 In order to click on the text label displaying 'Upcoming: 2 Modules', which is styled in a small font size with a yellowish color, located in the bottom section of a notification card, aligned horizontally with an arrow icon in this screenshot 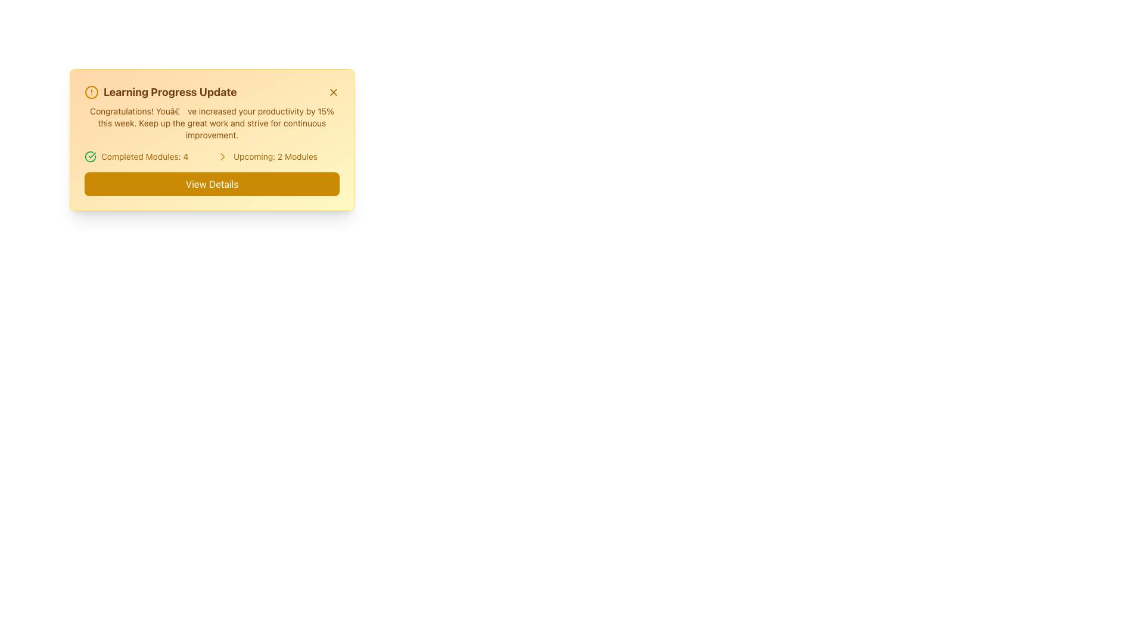, I will do `click(275, 156)`.